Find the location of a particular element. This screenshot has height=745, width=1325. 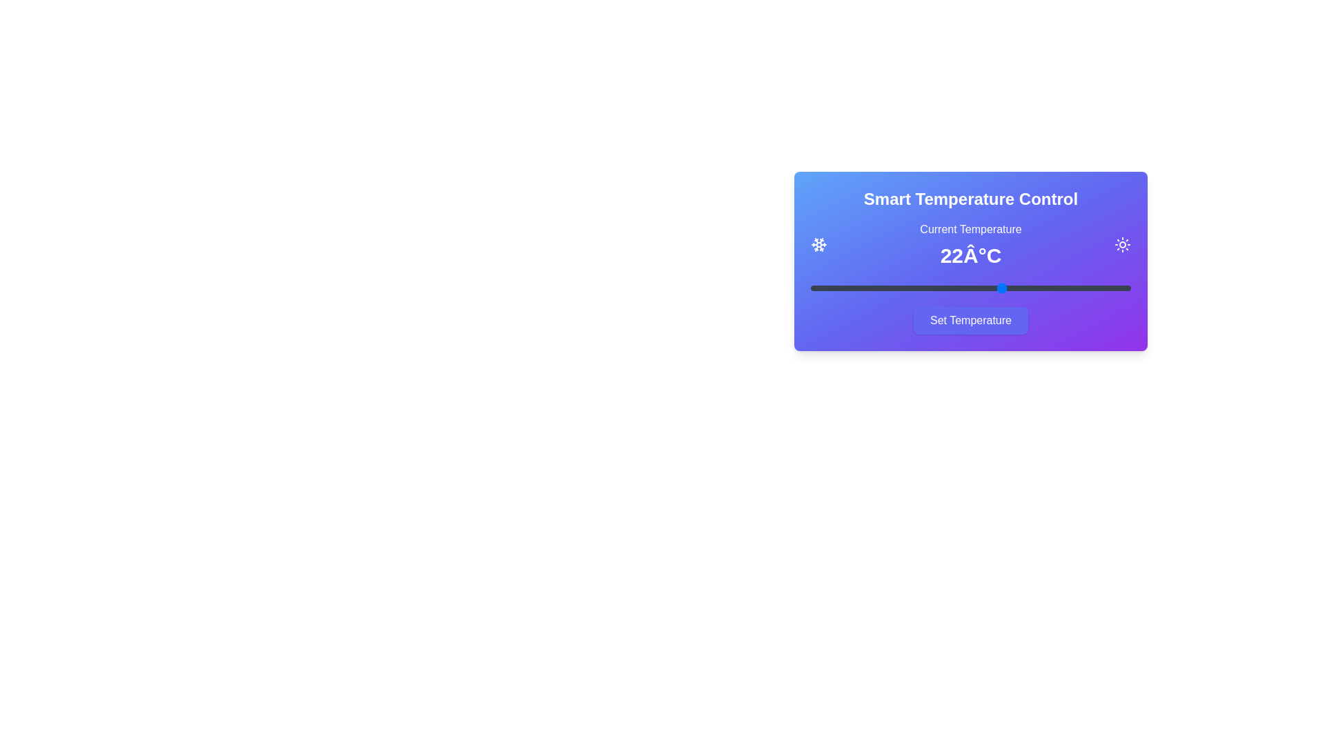

the sun icon with a purple background located at the far right of the 'Current Temperature' display block is located at coordinates (1123, 244).